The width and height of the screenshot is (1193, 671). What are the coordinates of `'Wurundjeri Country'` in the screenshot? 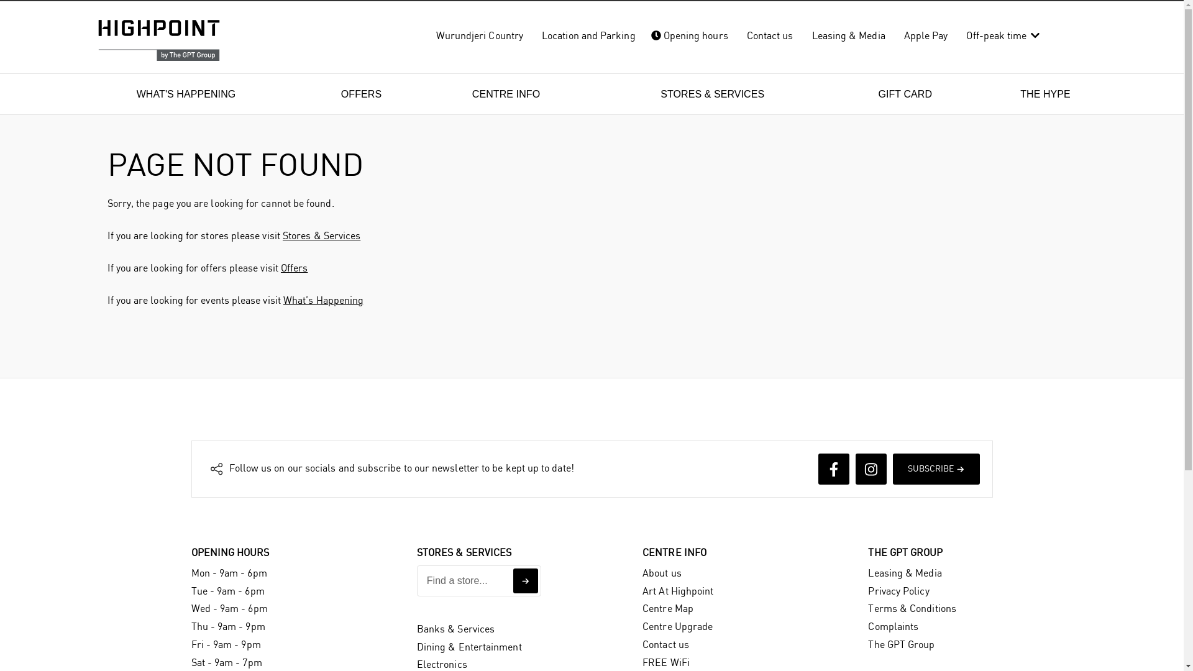 It's located at (479, 35).